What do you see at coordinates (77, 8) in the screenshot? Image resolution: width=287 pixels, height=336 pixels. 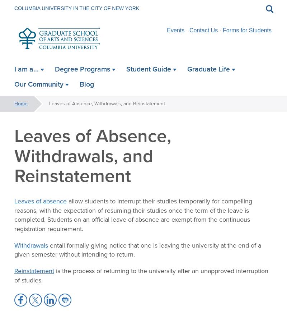 I see `'Columbia University in the City of New York'` at bounding box center [77, 8].